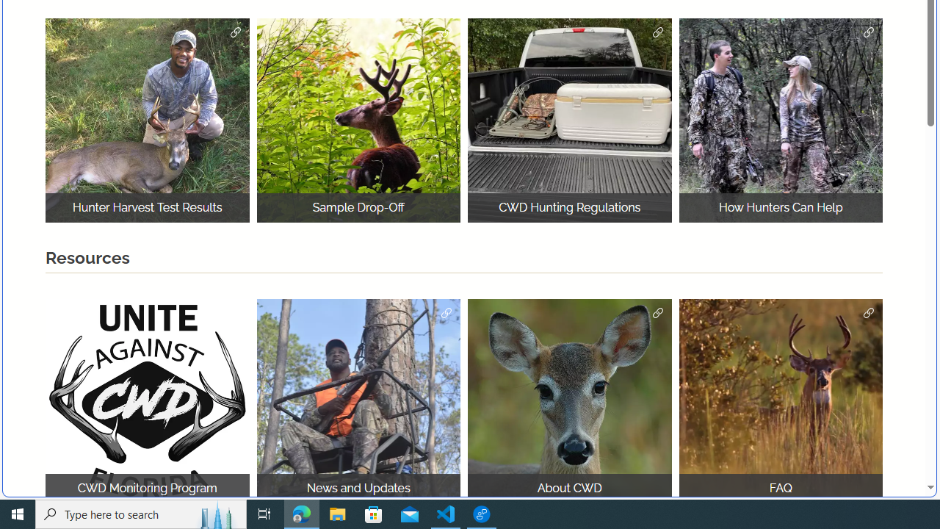  What do you see at coordinates (358, 400) in the screenshot?
I see `'News and Updates'` at bounding box center [358, 400].